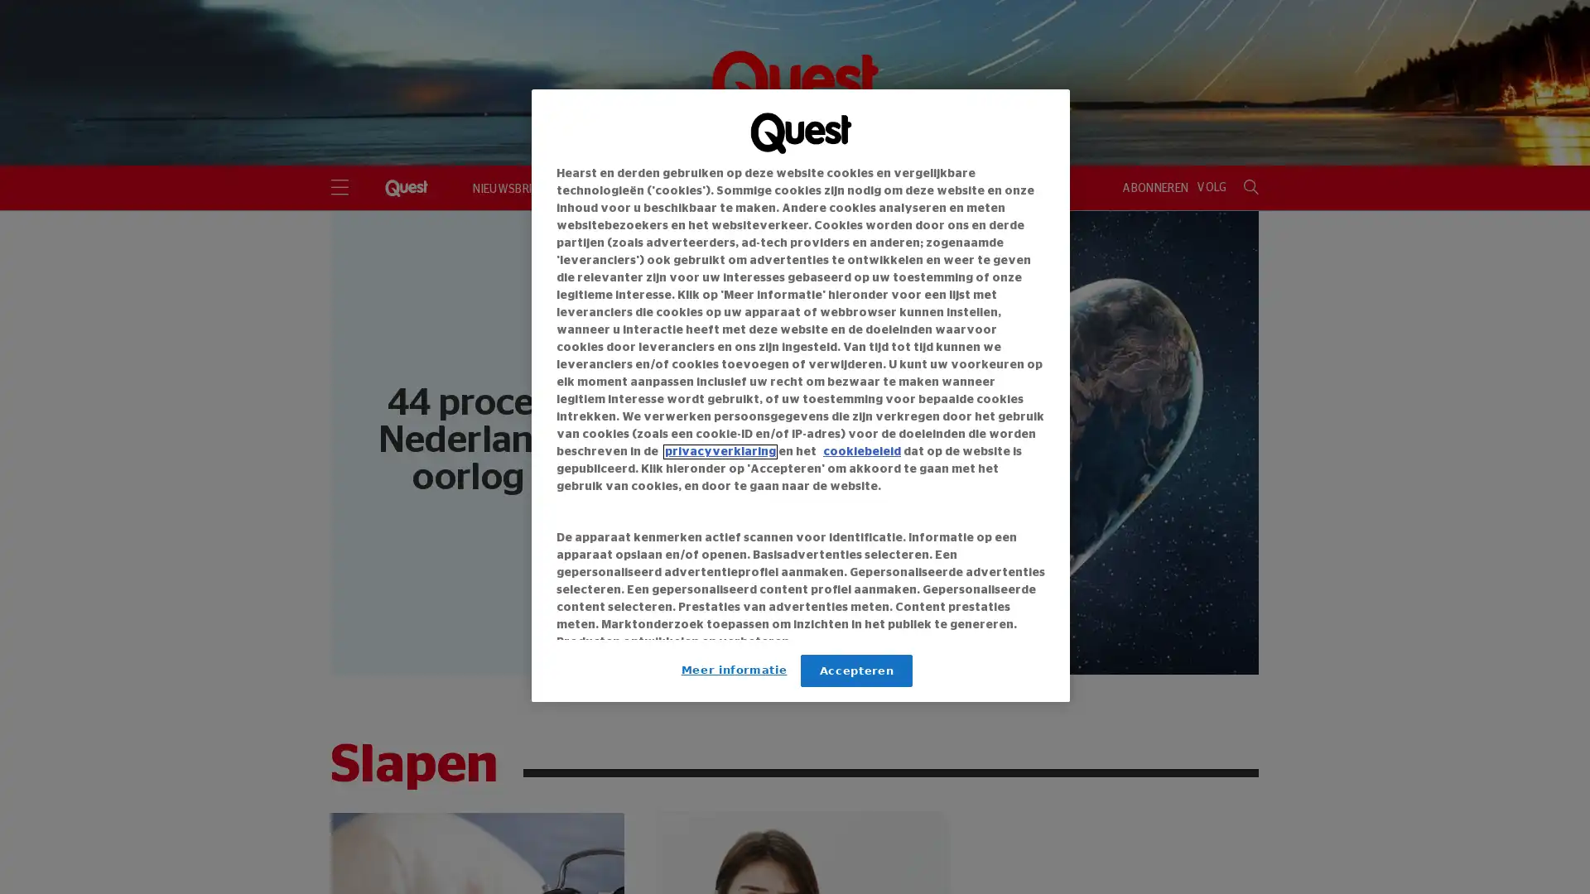  What do you see at coordinates (856, 670) in the screenshot?
I see `Accepteren` at bounding box center [856, 670].